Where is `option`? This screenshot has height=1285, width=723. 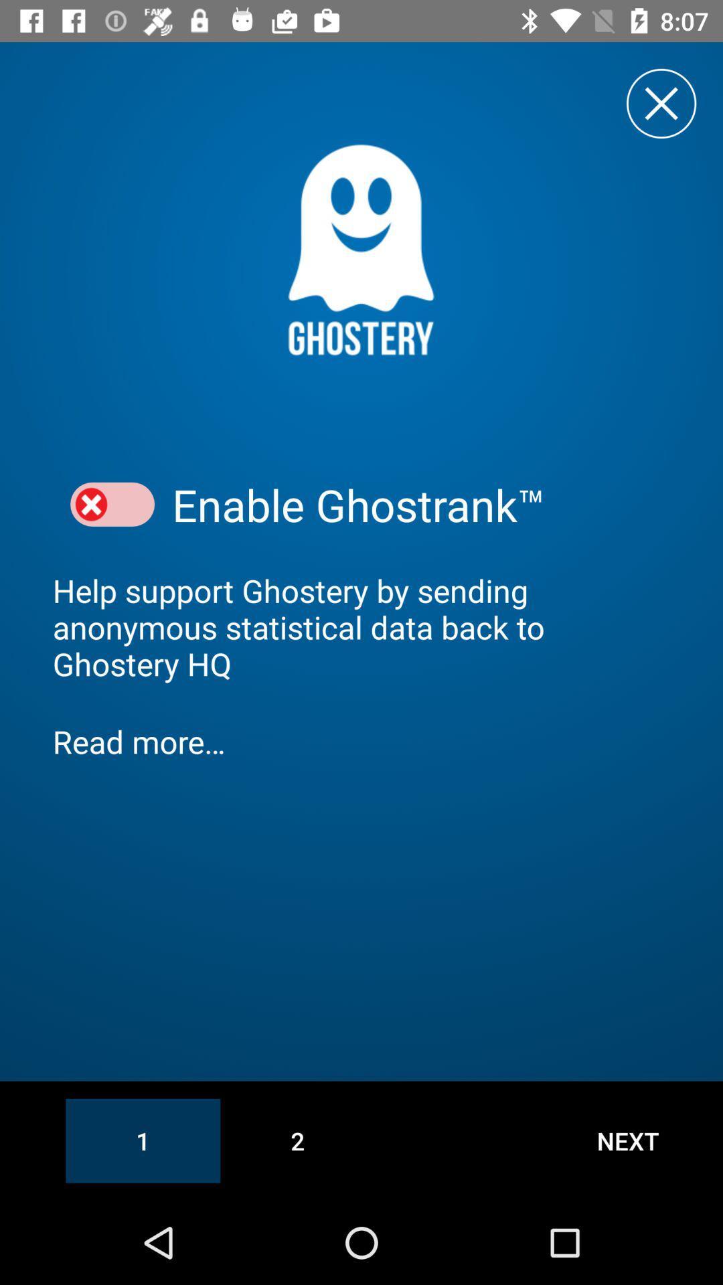
option is located at coordinates (112, 504).